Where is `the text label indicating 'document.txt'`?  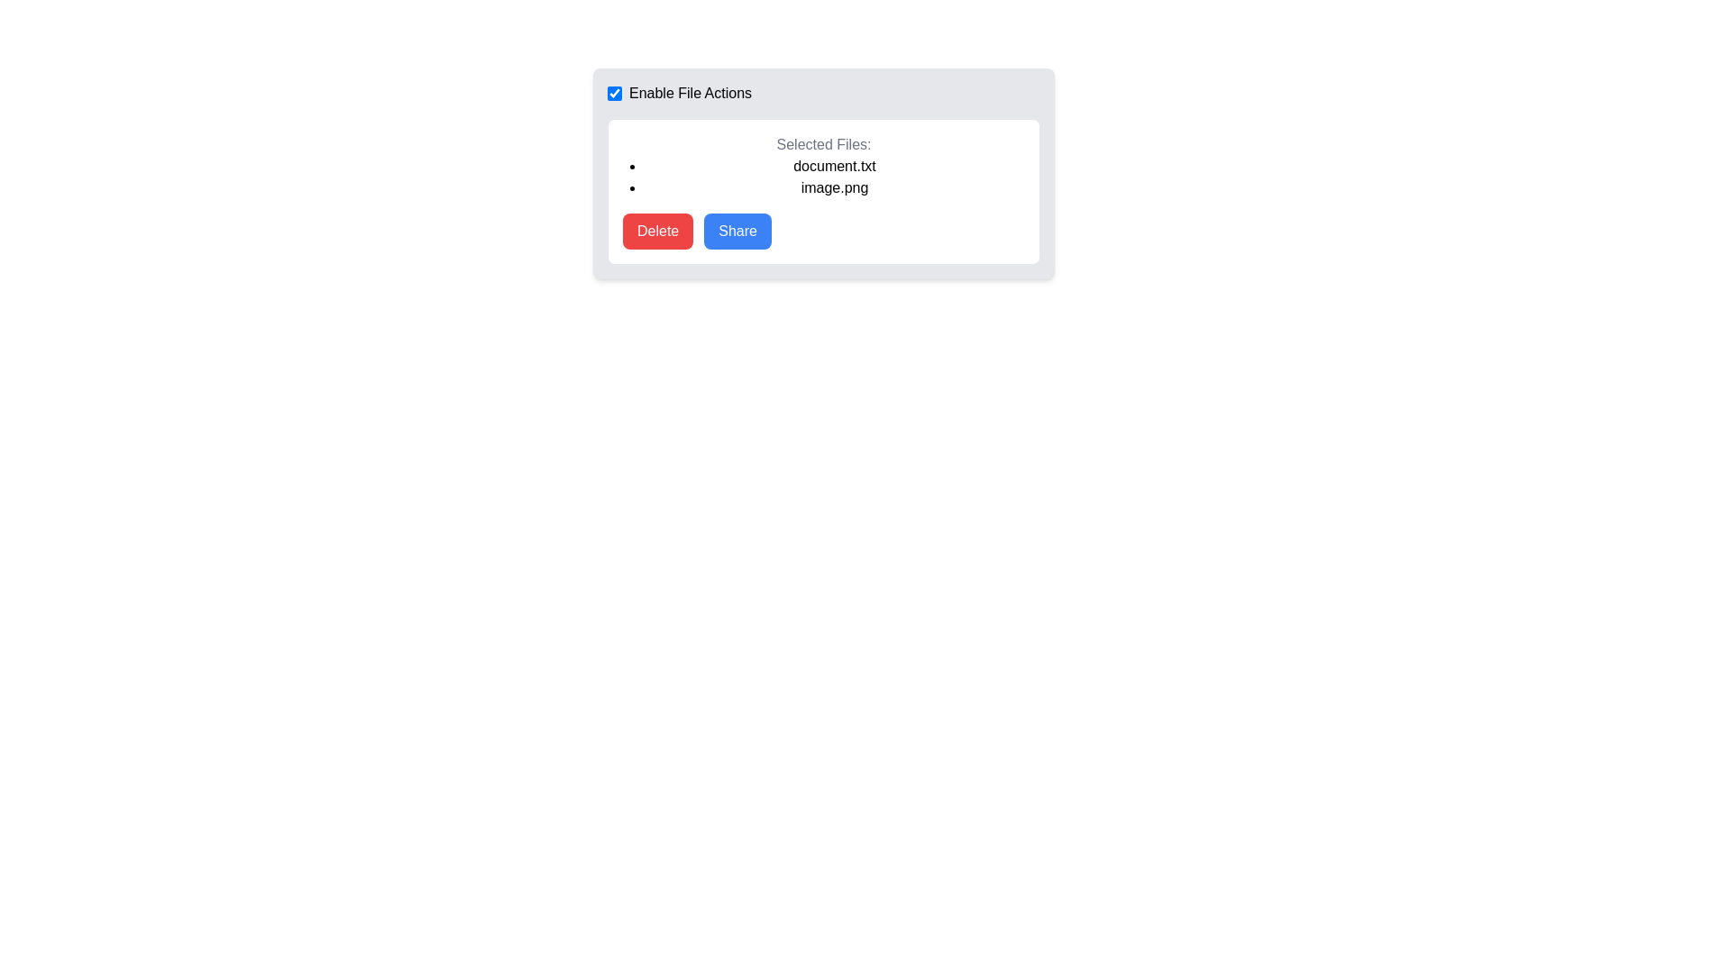 the text label indicating 'document.txt' is located at coordinates (834, 167).